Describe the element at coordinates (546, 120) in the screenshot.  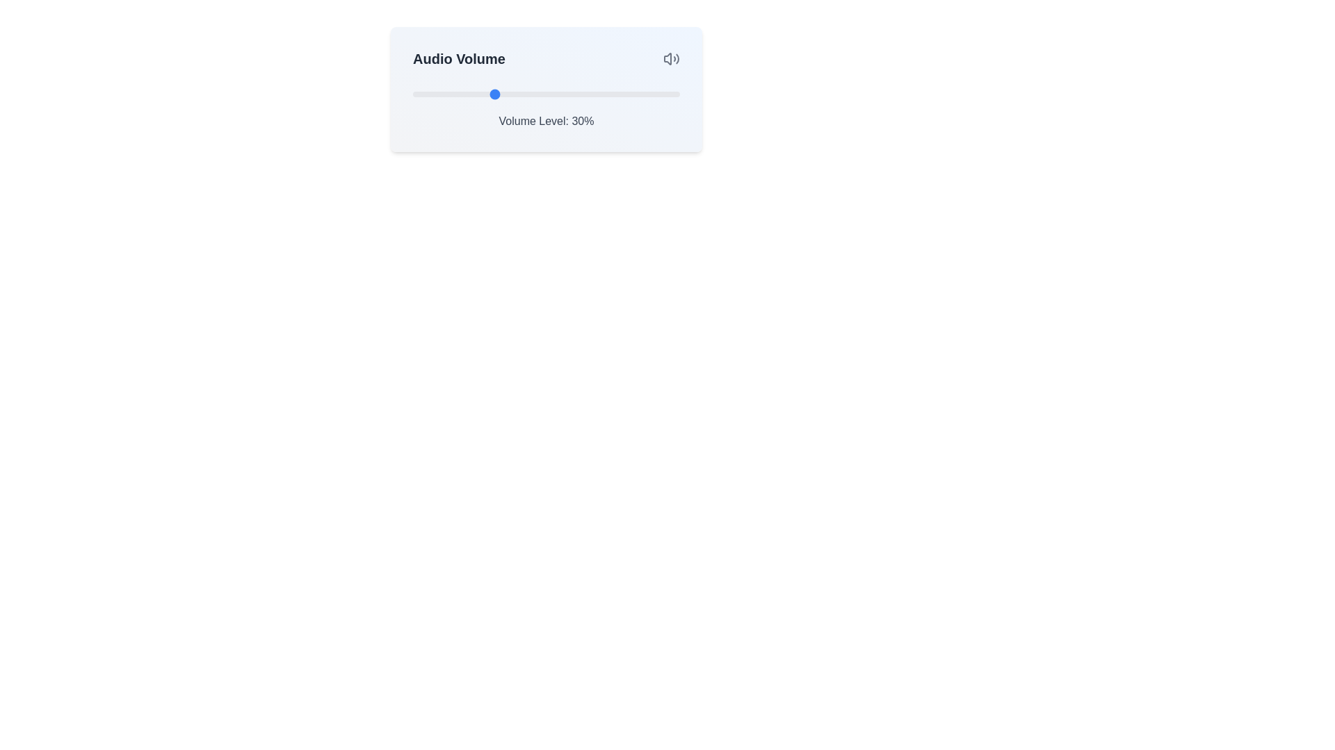
I see `the text 'Volume Level: 30%' for copying from the static label that is horizontally centered and positioned below the volume slider` at that location.